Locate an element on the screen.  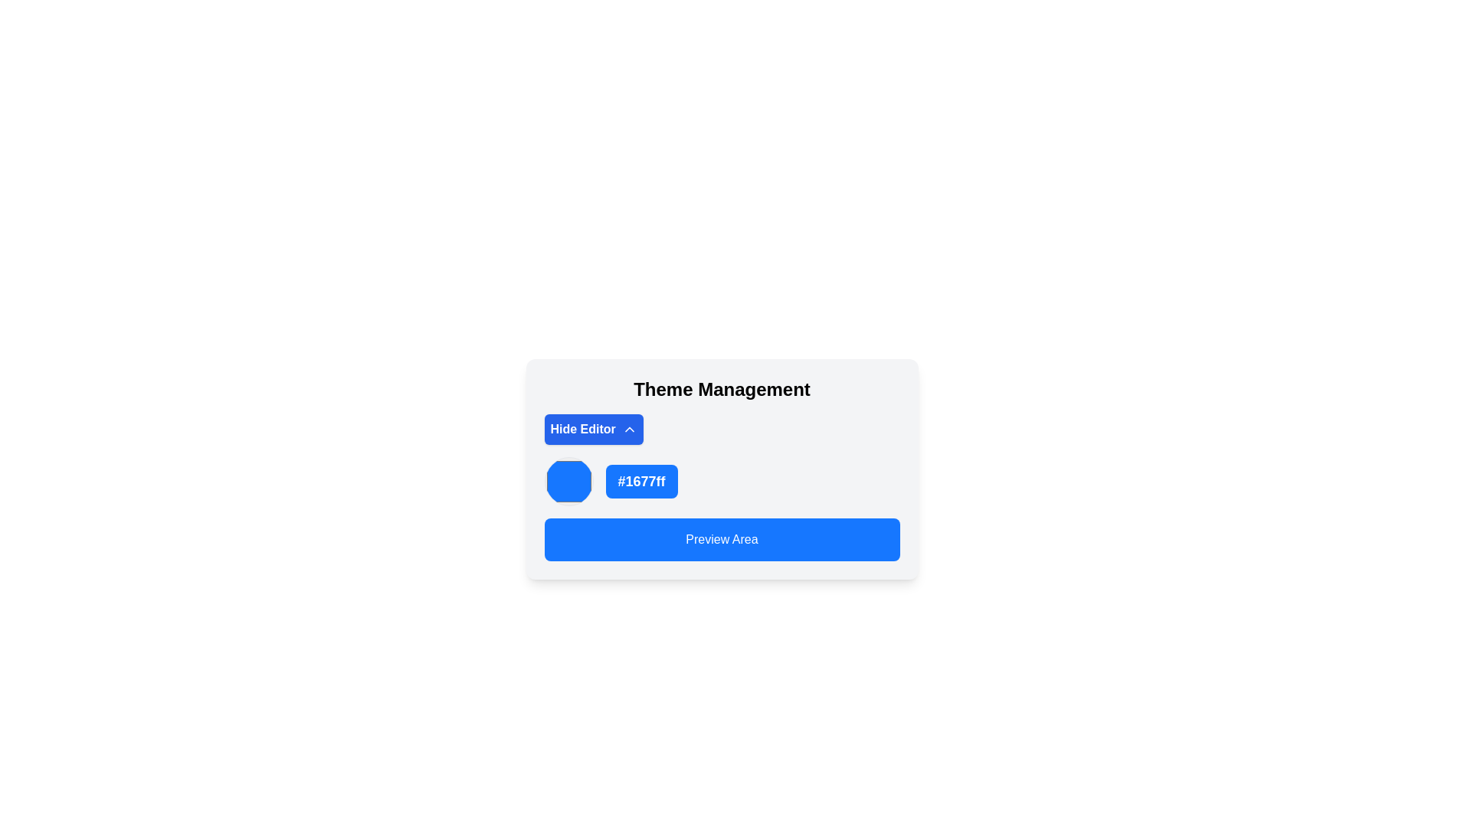
the Text display button that shows the color code '#1677ff', located in the upper section of the 'Theme Management' panel, to the right of the circular color preview element and below the 'Hide Editor' dropdown is located at coordinates (641, 480).